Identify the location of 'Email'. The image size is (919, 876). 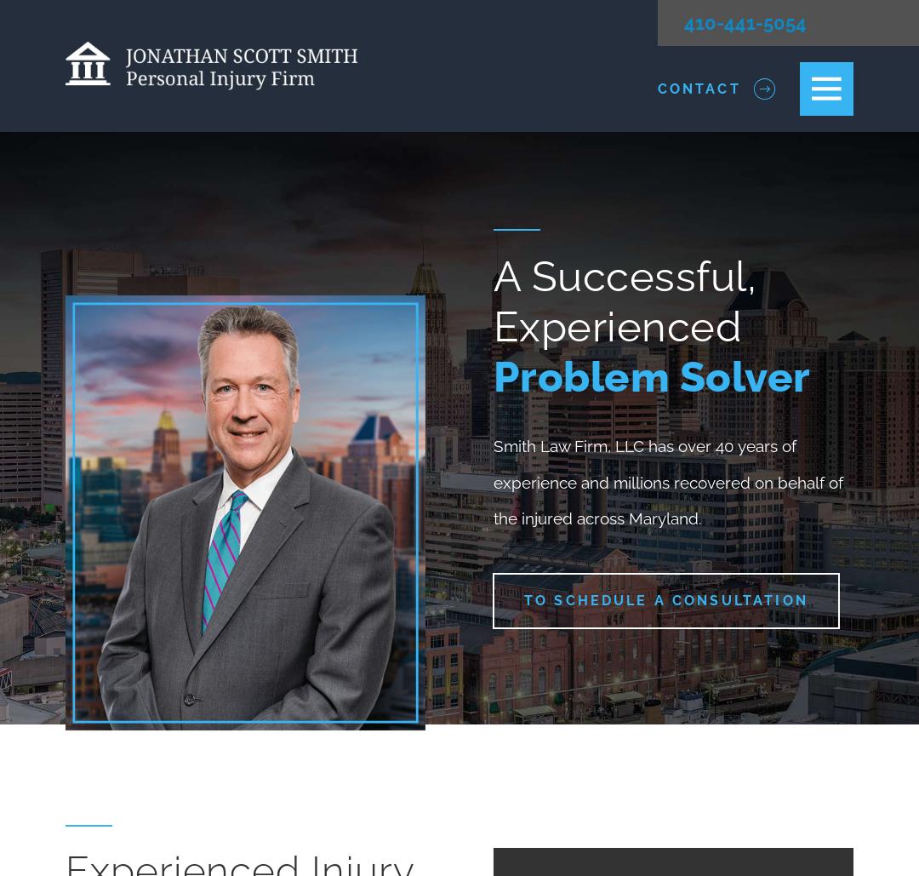
(277, 412).